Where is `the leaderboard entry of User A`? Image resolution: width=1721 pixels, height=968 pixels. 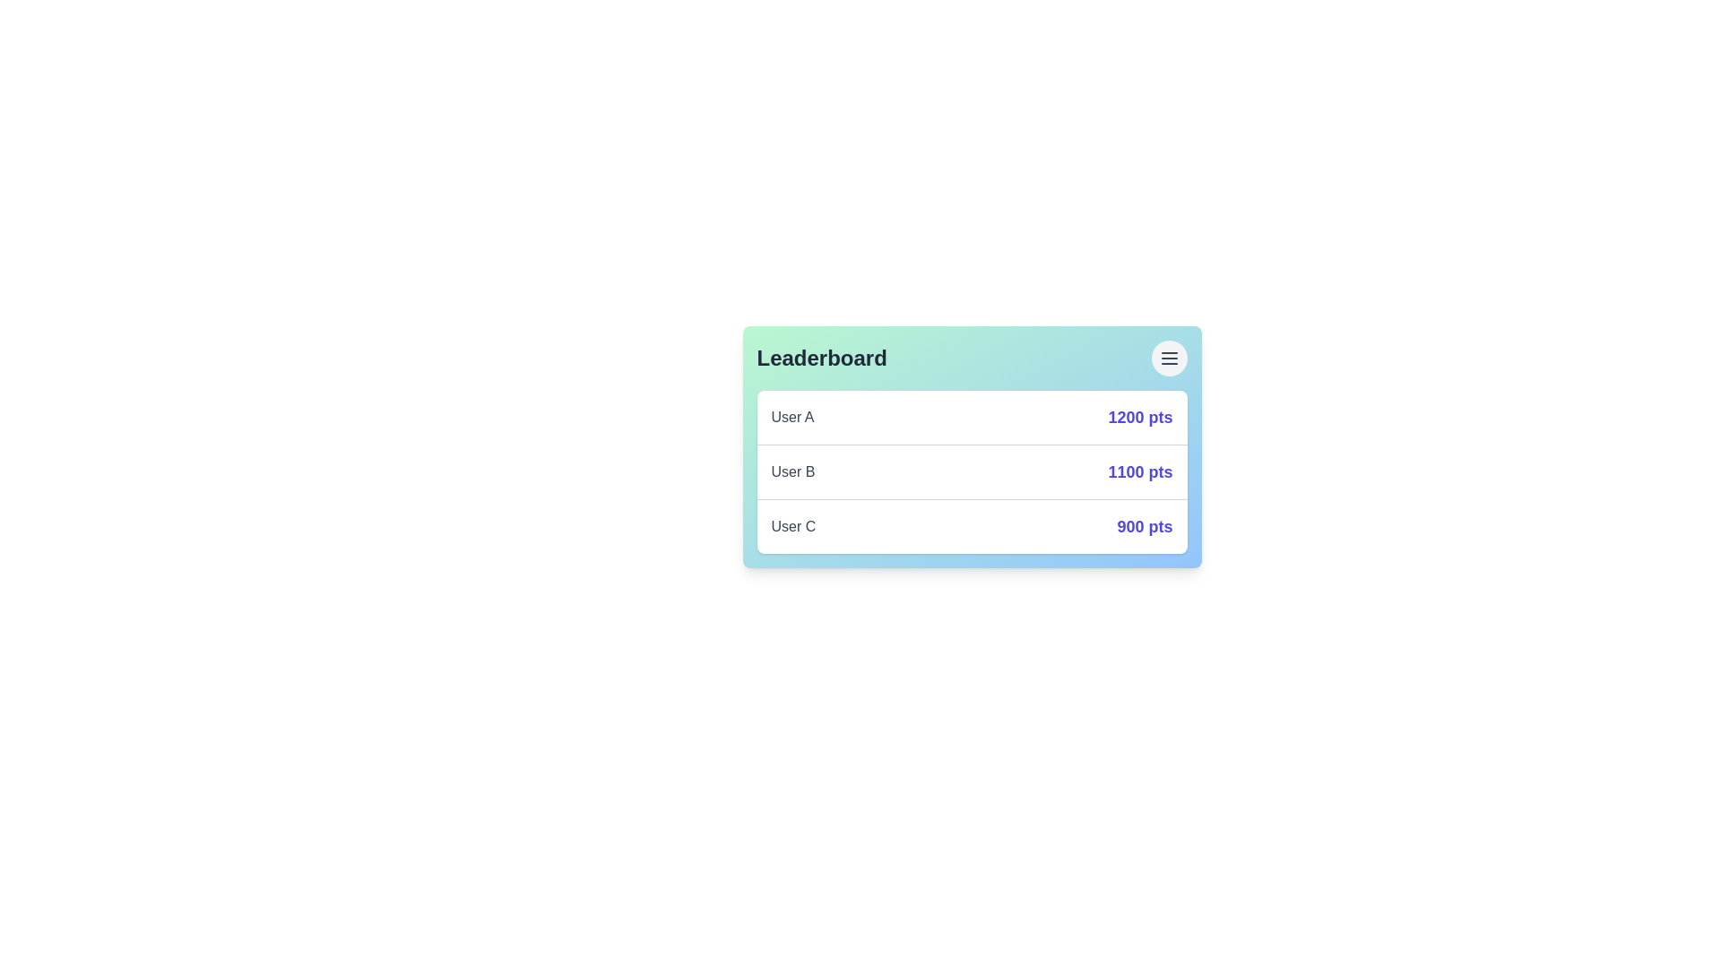 the leaderboard entry of User A is located at coordinates (971, 418).